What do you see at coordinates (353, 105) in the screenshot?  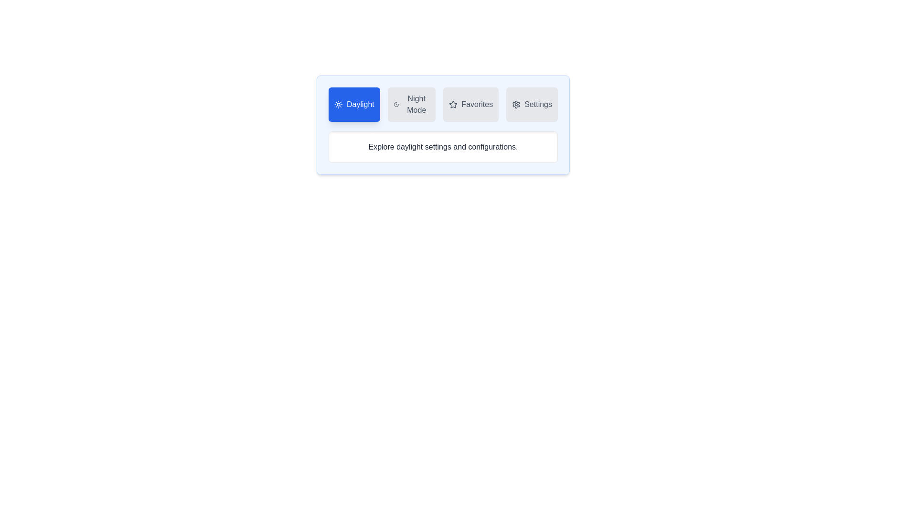 I see `the tab labeled Daylight` at bounding box center [353, 105].